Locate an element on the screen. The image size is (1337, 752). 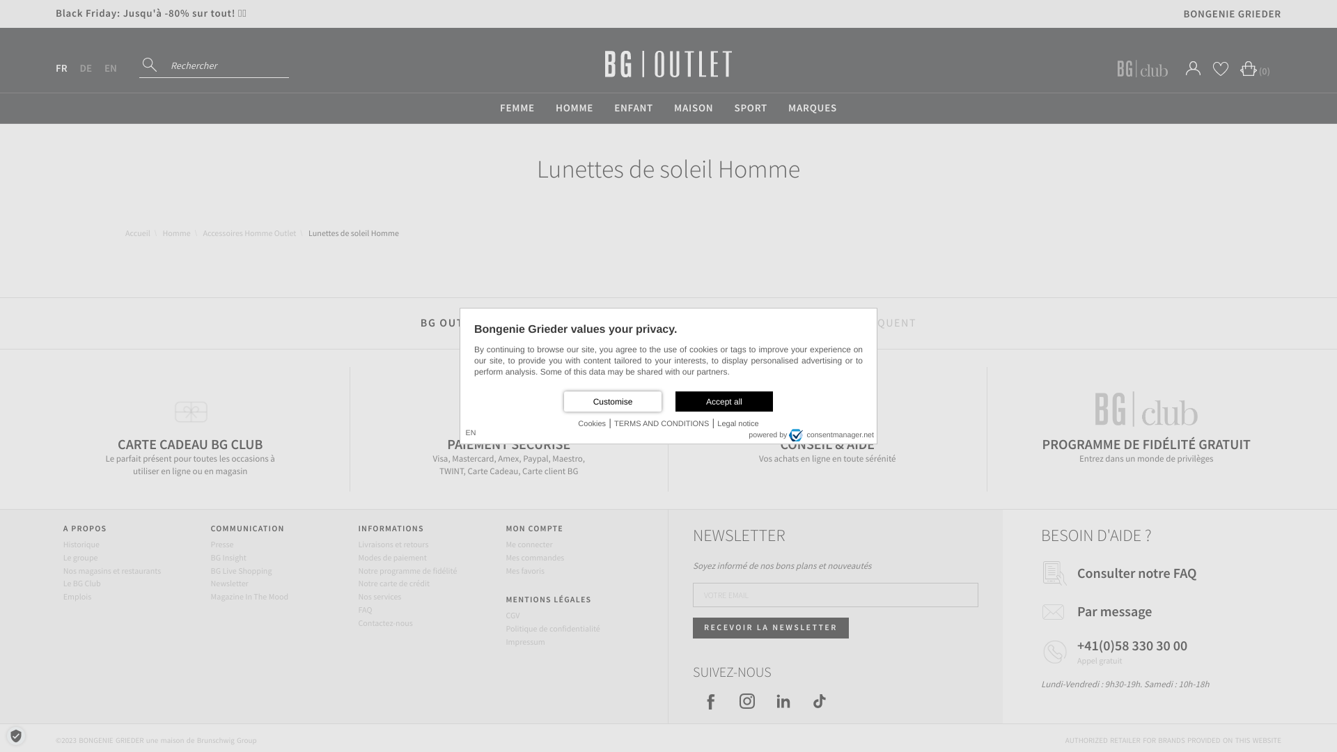
'icone-facebook' is located at coordinates (711, 700).